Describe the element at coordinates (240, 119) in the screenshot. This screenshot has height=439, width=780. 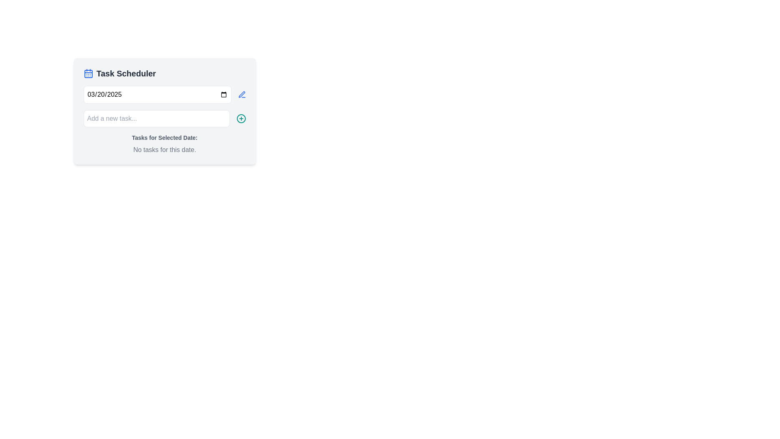
I see `the filled circle SVG element, which is centrally located within the circular plus icon in the task scheduler interface` at that location.